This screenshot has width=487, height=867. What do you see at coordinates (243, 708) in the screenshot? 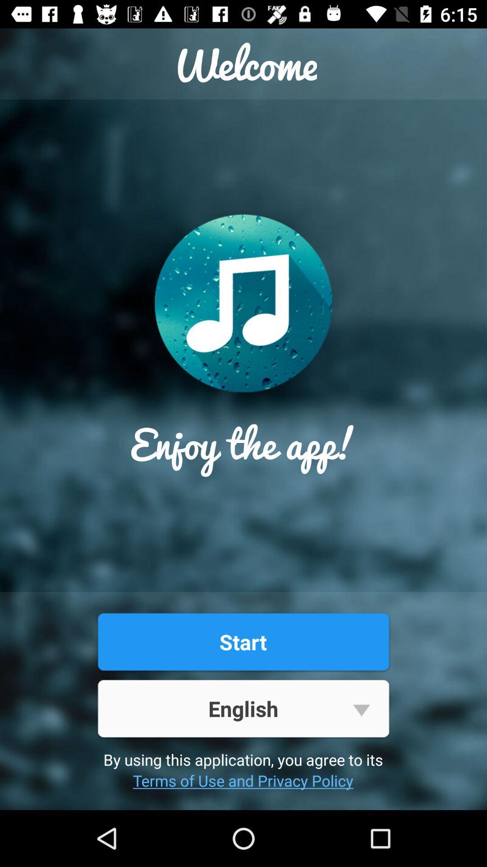
I see `the item above by using this icon` at bounding box center [243, 708].